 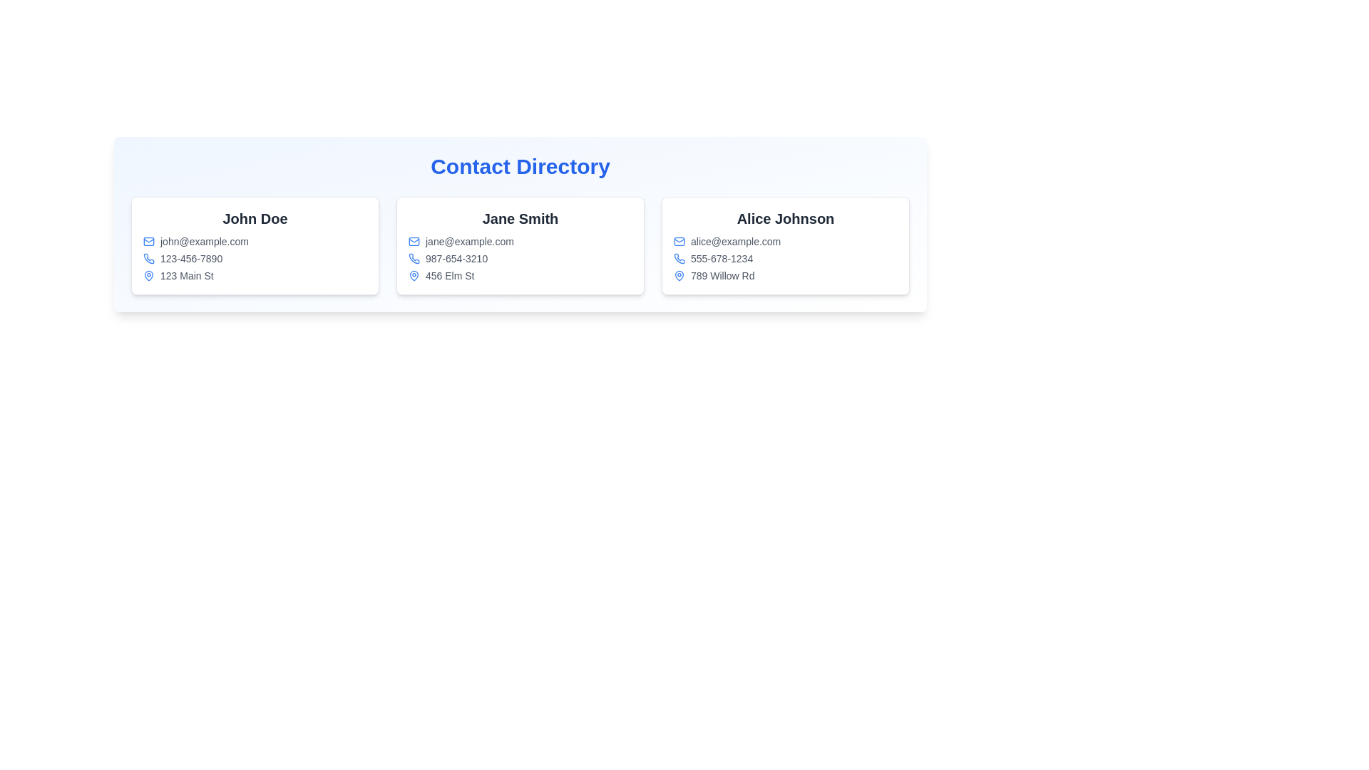 What do you see at coordinates (785, 219) in the screenshot?
I see `the heading 'Alice Johnson'` at bounding box center [785, 219].